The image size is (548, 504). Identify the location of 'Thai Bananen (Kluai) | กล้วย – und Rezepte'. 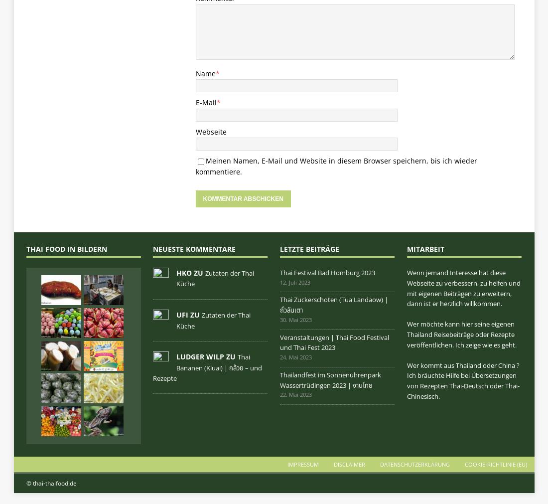
(207, 367).